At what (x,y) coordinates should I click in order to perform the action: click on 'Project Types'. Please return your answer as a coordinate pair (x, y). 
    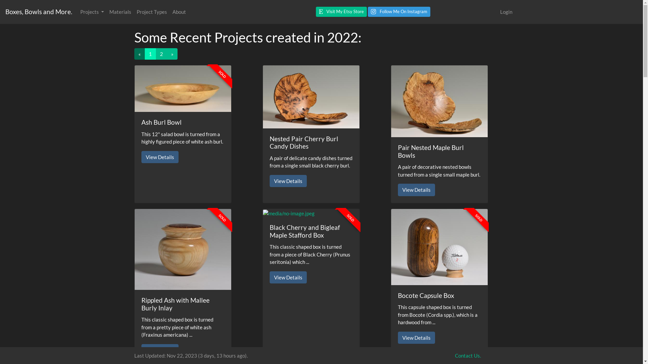
    Looking at the image, I should click on (152, 12).